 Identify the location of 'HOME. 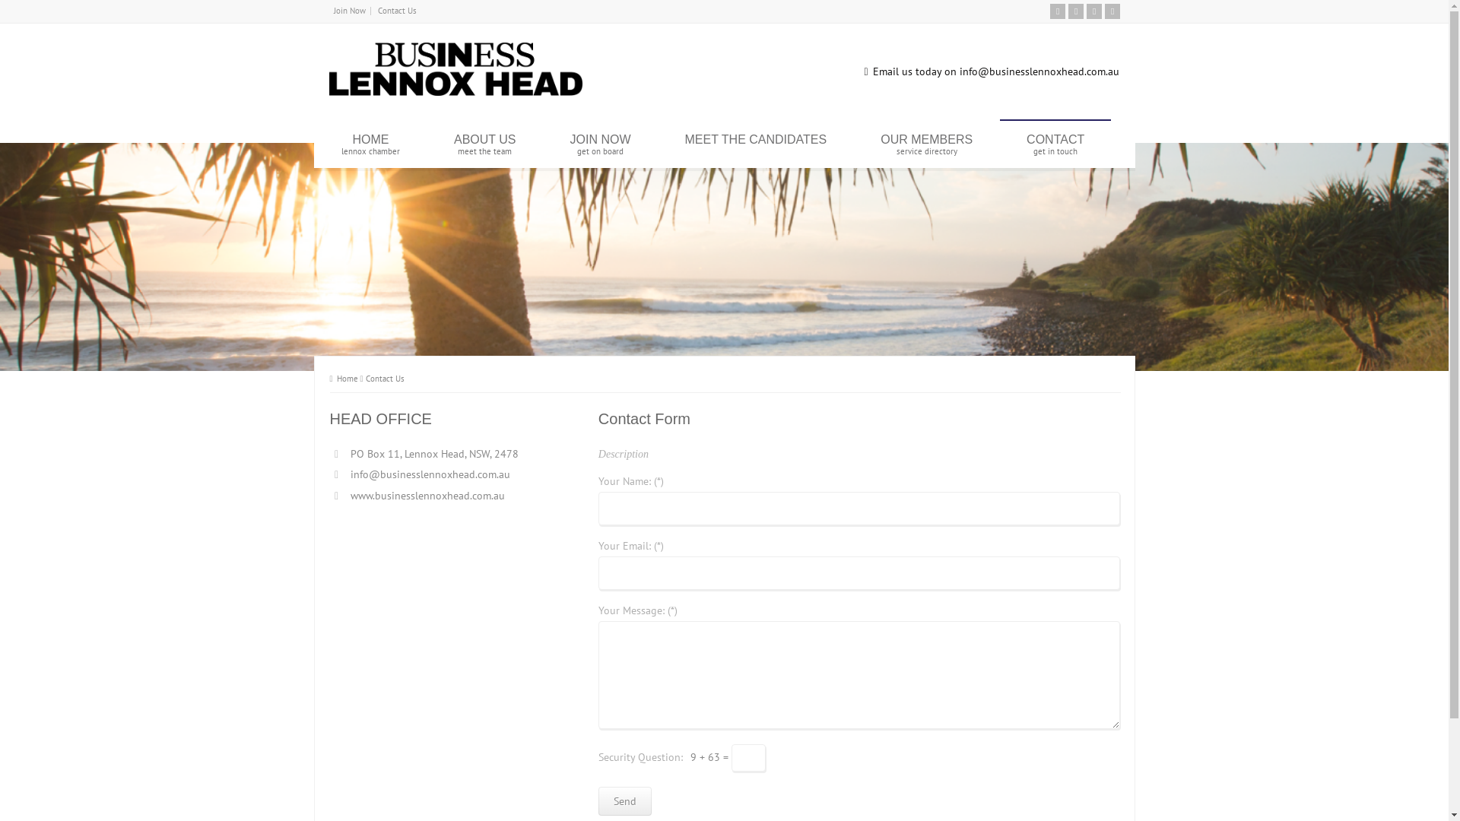
(313, 144).